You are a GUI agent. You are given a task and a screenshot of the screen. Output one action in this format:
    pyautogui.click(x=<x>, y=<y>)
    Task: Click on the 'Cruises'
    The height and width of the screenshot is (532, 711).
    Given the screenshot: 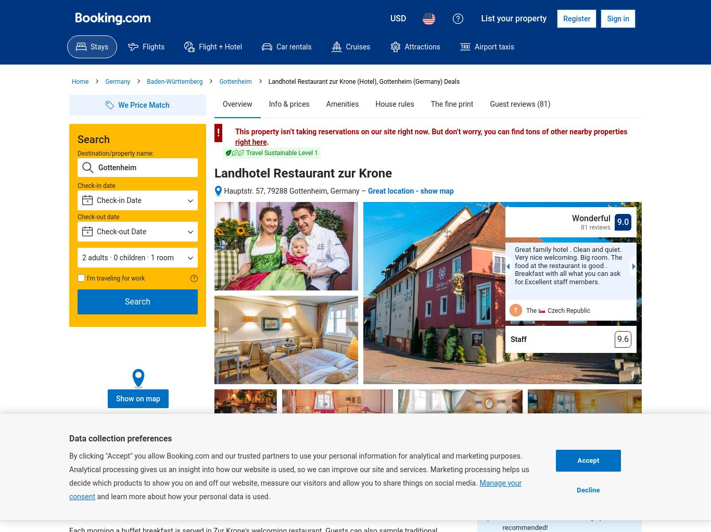 What is the action you would take?
    pyautogui.click(x=358, y=46)
    